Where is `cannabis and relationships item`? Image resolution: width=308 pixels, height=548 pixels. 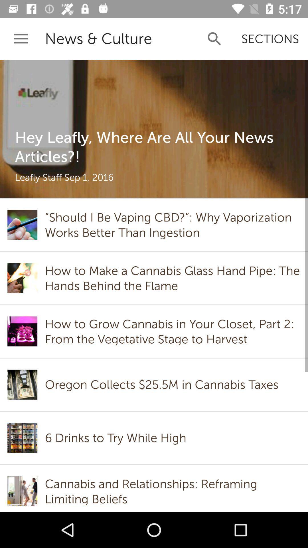
cannabis and relationships item is located at coordinates (172, 491).